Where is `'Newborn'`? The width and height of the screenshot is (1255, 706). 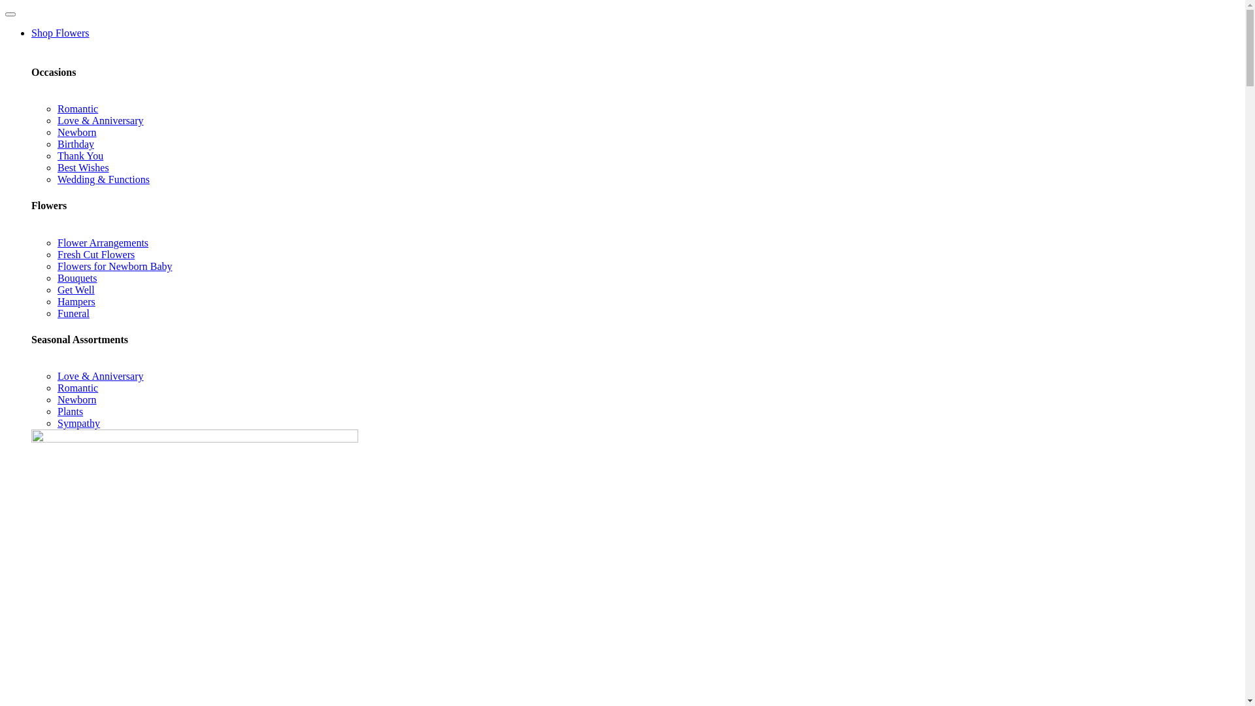 'Newborn' is located at coordinates (76, 399).